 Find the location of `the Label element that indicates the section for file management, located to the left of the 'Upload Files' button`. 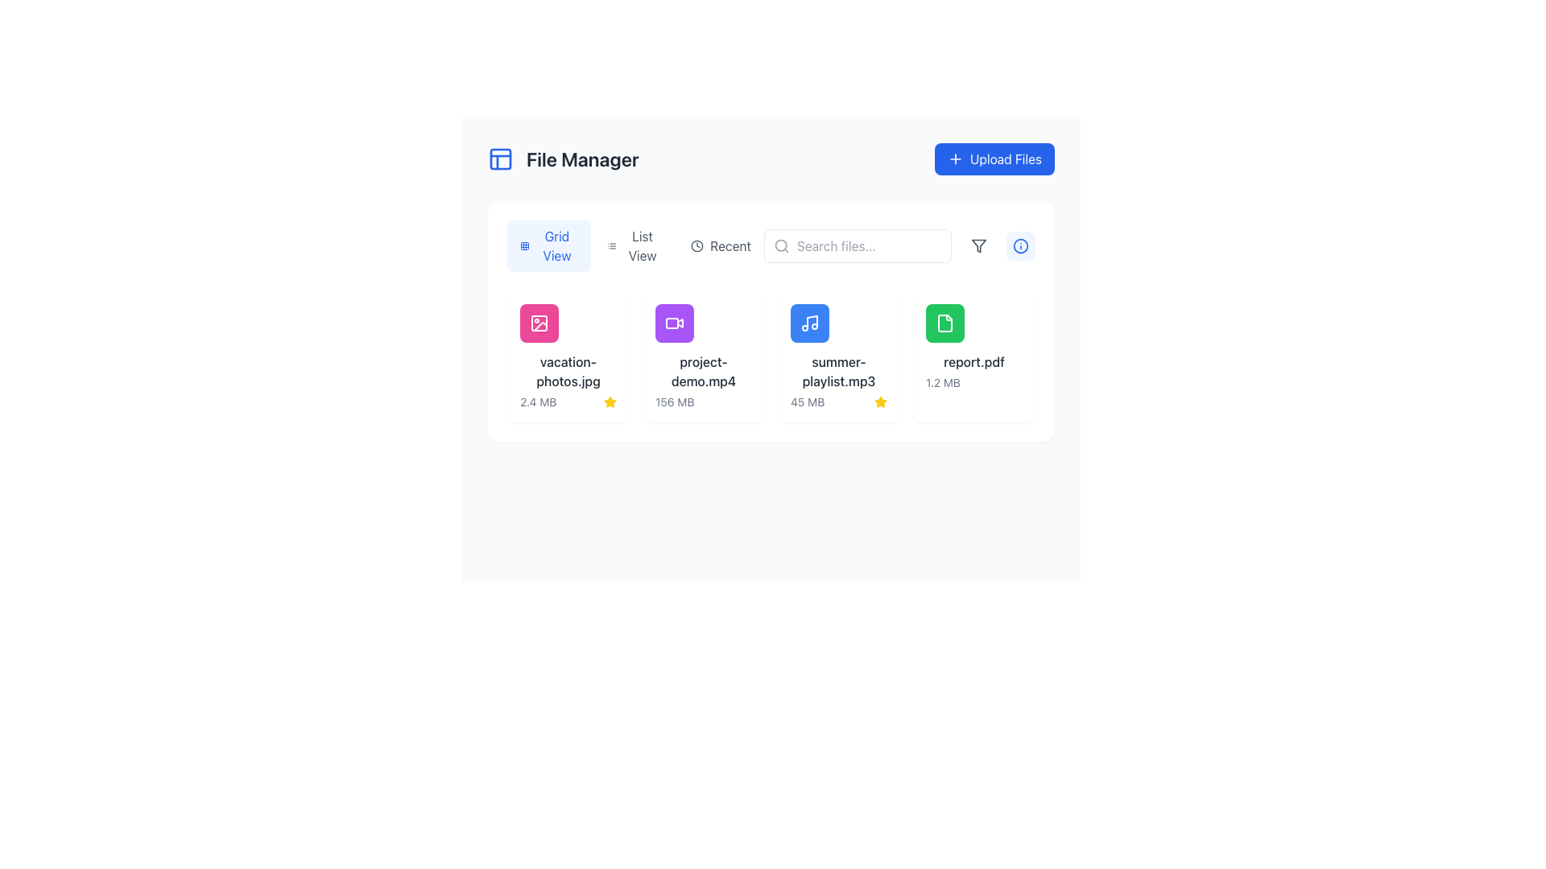

the Label element that indicates the section for file management, located to the left of the 'Upload Files' button is located at coordinates (563, 159).